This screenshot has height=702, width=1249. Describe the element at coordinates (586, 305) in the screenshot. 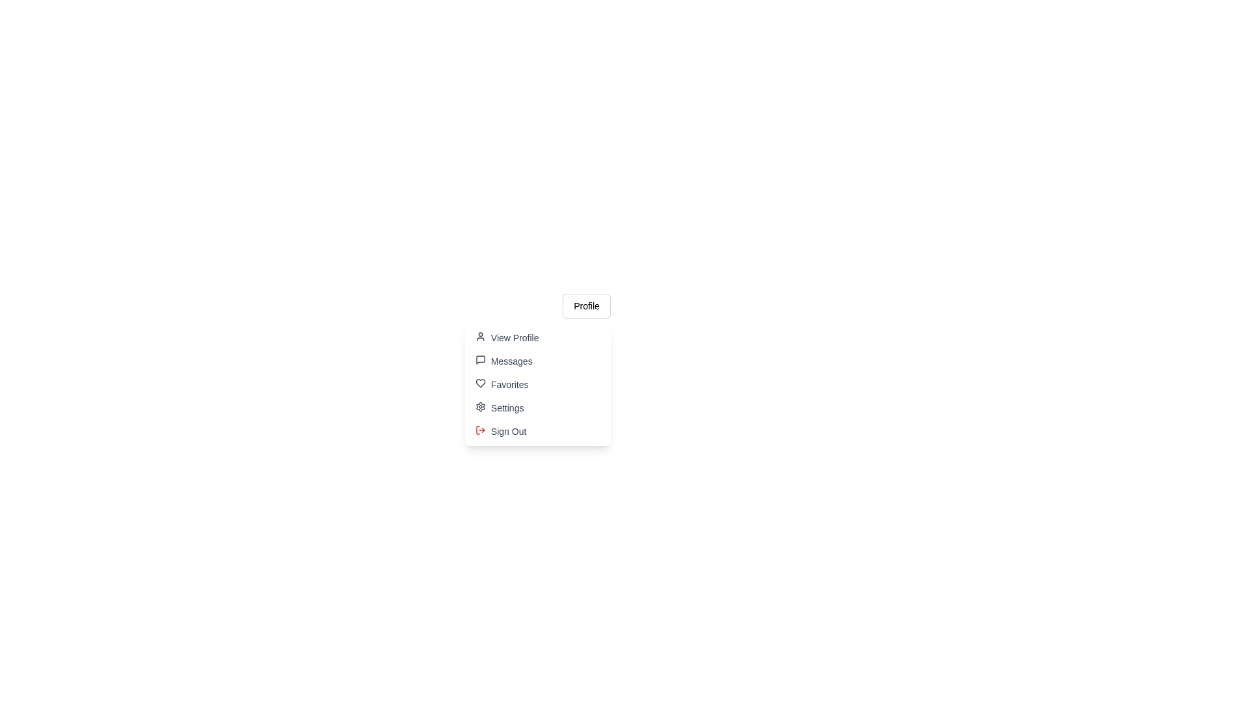

I see `the 'Profile' button with a white background and rounded corners located at the top-right of the dropdown menu` at that location.